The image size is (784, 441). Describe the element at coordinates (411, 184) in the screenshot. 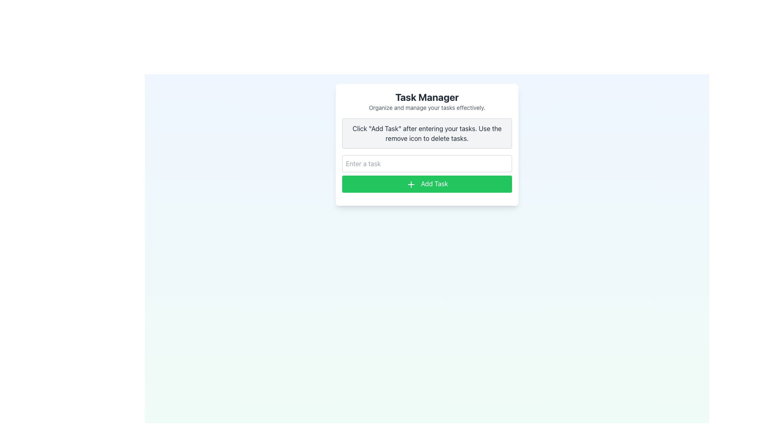

I see `the small circular icon with a green background and a white plus sign, located to the left of the 'Add Task' text within the green rectangular button` at that location.